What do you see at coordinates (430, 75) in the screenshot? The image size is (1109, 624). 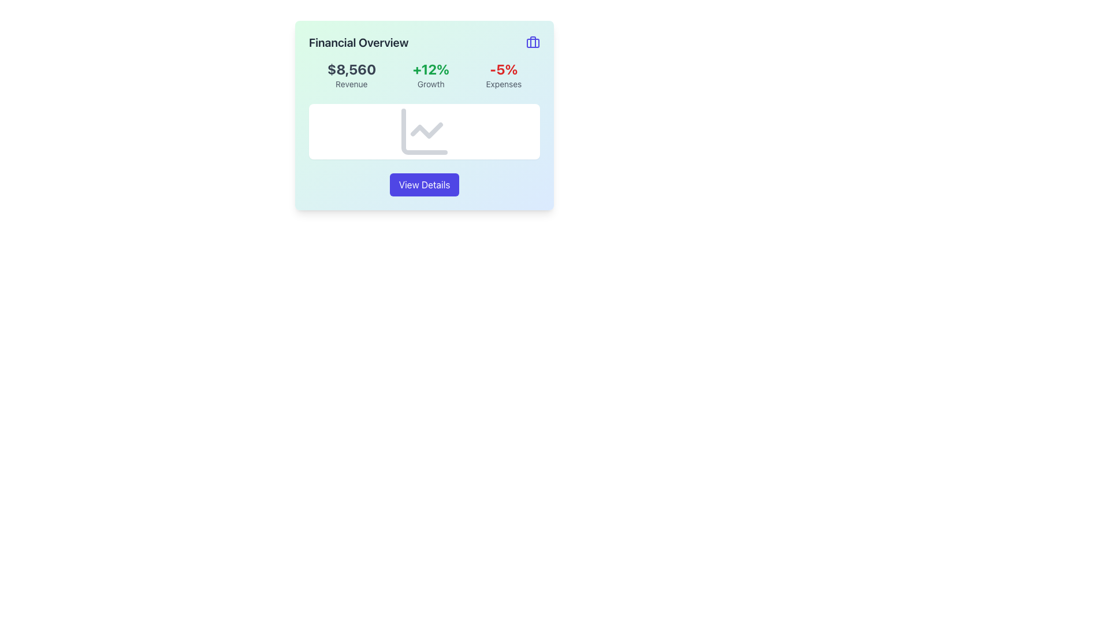 I see `the text block that conveys an increase in growth percentage, located under the 'Financial Overview' label, positioned between '$8,560 Revenue' and '-5% Expenses'` at bounding box center [430, 75].